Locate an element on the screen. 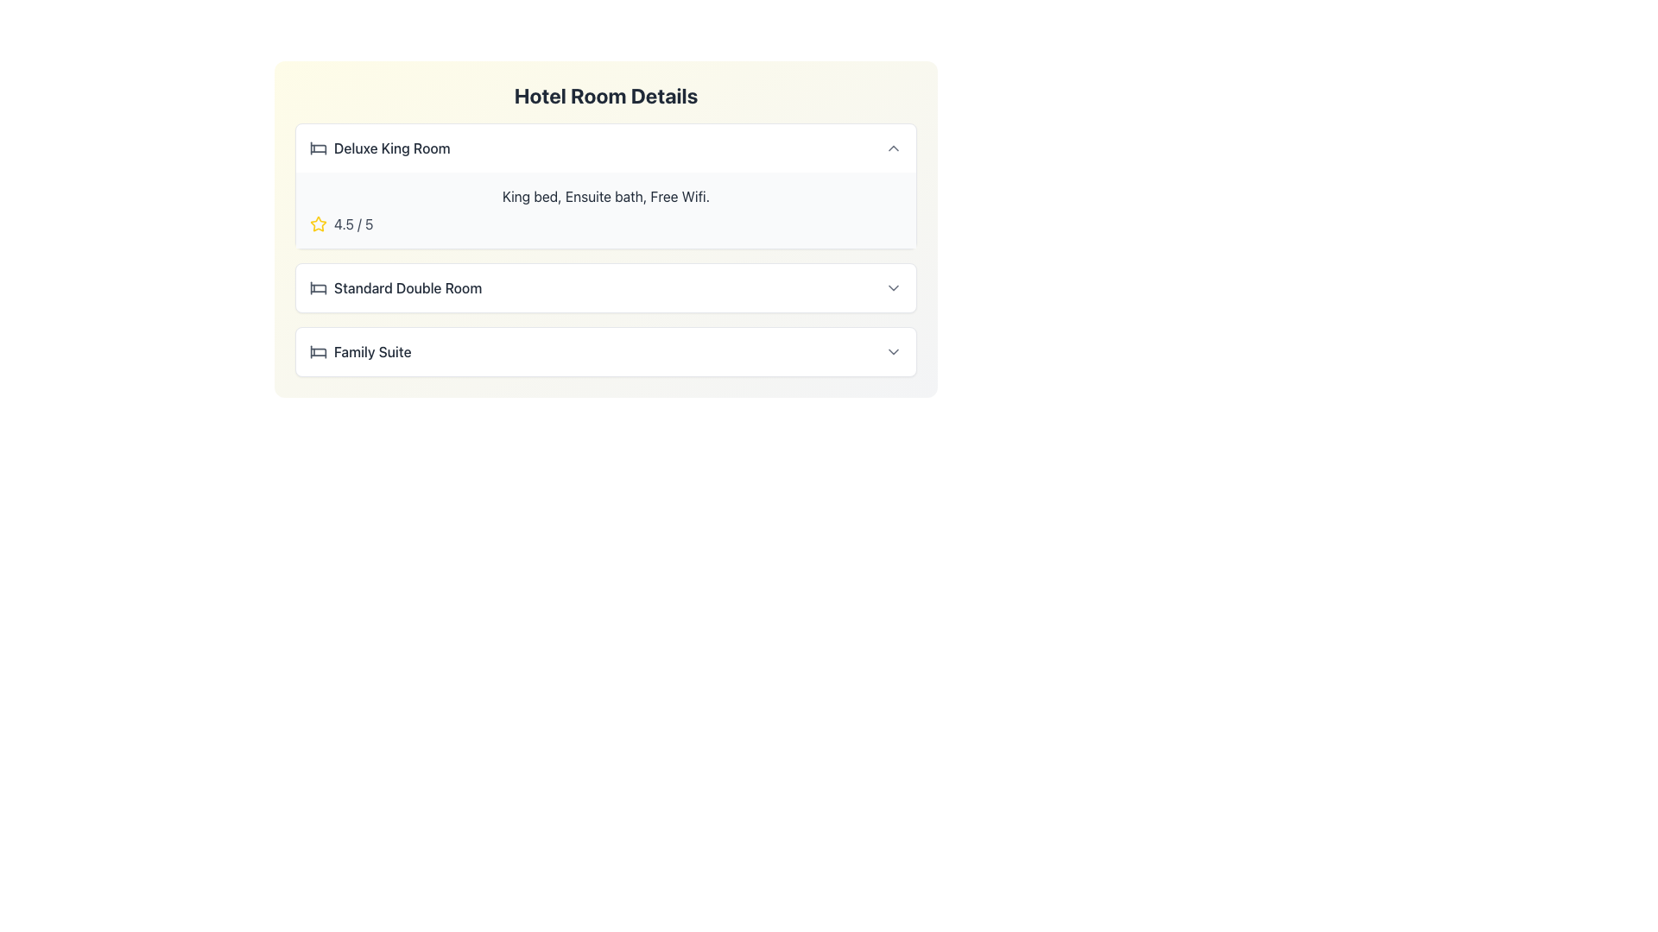 The width and height of the screenshot is (1658, 932). the rating icon representing a single unit of a rating system for the 'Deluxe King Room', which is located leftmost in the rating section indicating a rating of '4.5 / 5' is located at coordinates (319, 223).